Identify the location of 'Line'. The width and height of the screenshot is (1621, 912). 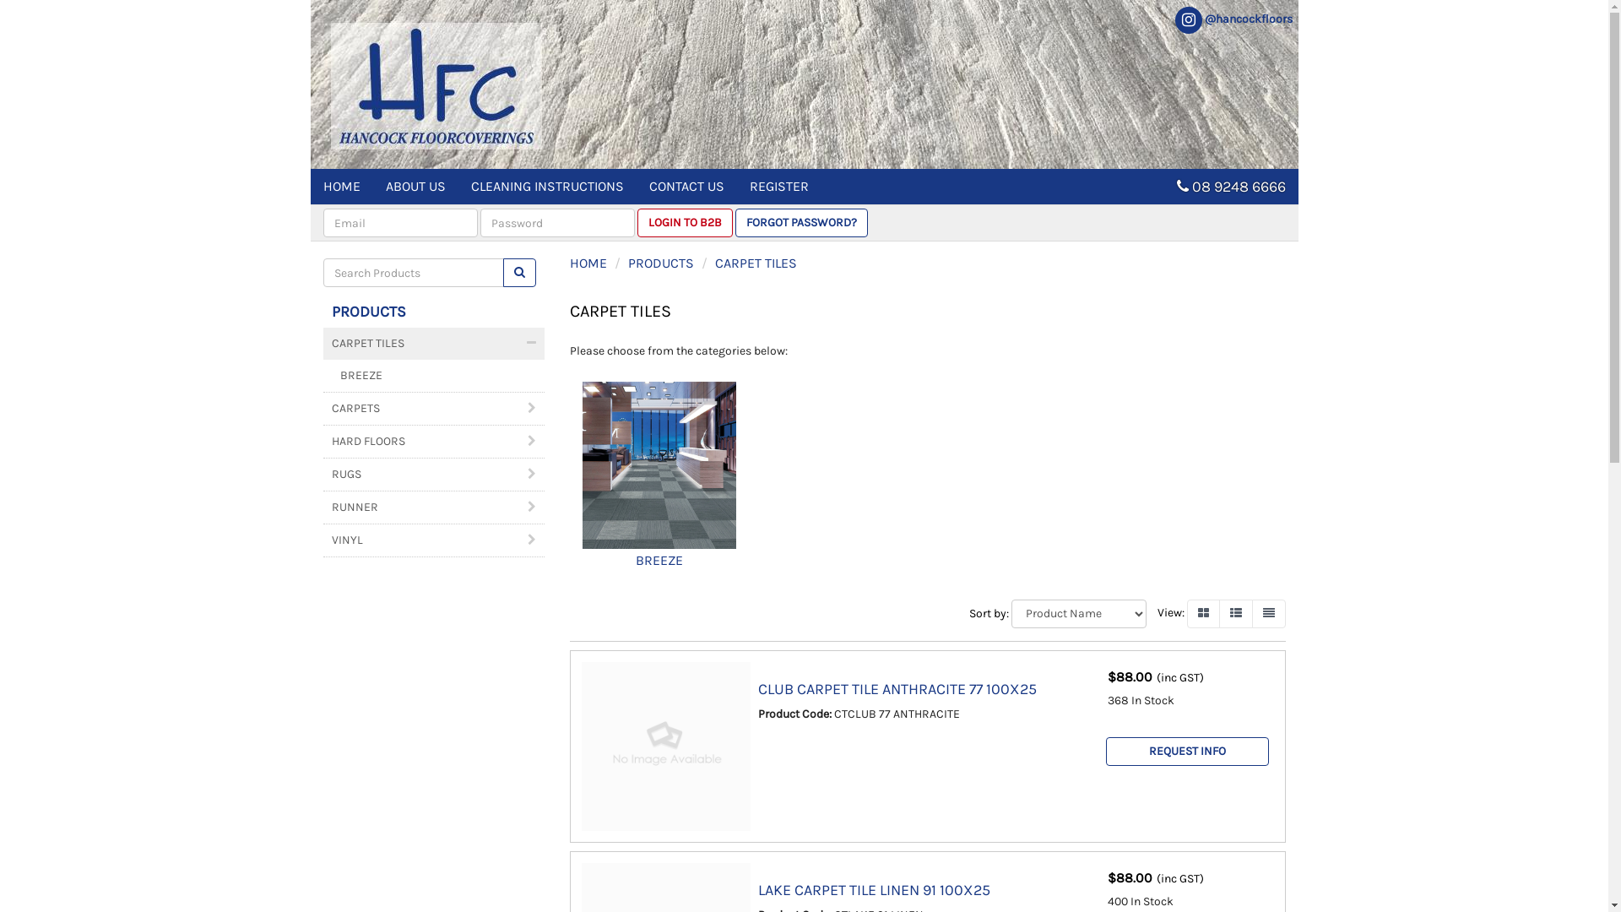
(1268, 613).